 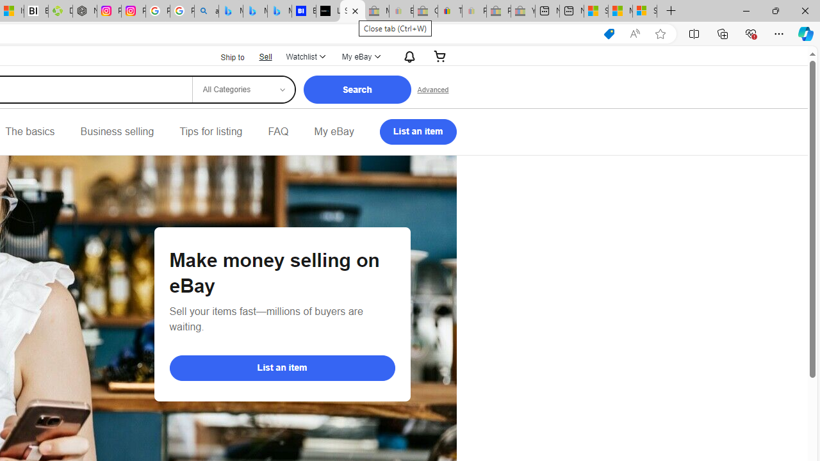 I want to click on 'Your shopping cart', so click(x=440, y=56).